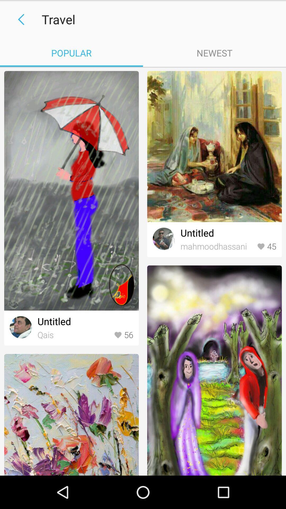 The height and width of the screenshot is (509, 286). Describe the element at coordinates (74, 335) in the screenshot. I see `the icon to the left of 56` at that location.